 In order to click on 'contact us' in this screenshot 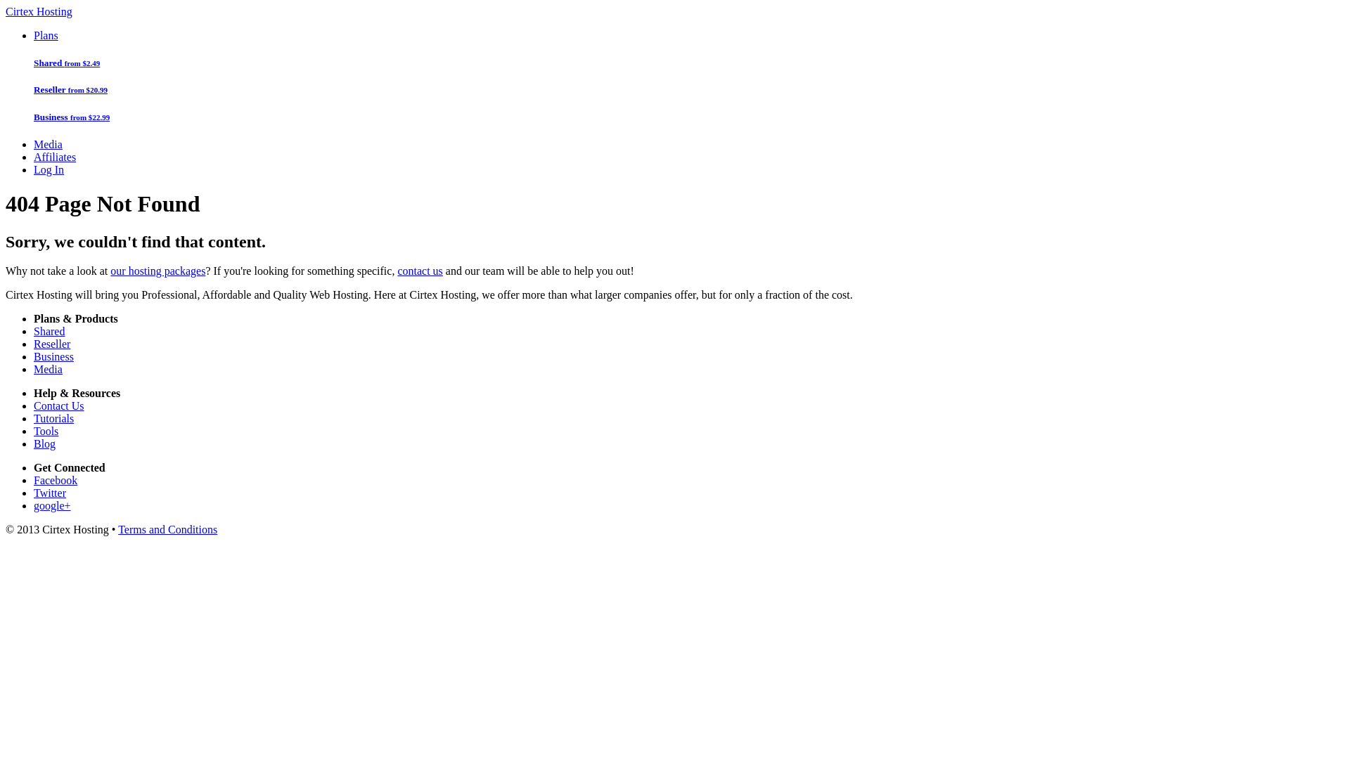, I will do `click(418, 271)`.